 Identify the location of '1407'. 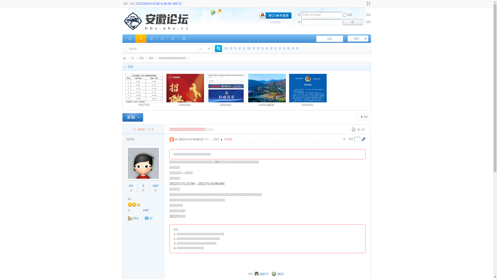
(145, 210).